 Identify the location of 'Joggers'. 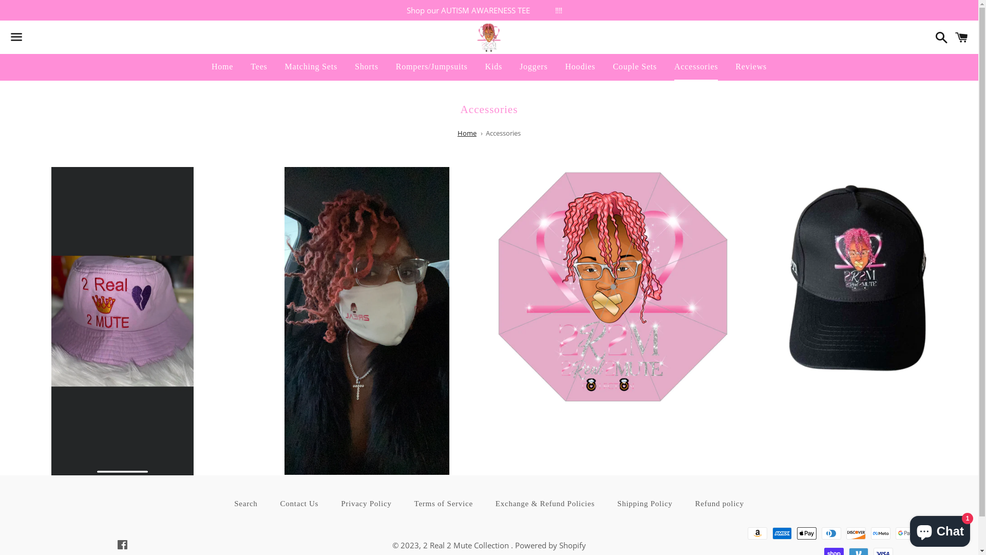
(533, 67).